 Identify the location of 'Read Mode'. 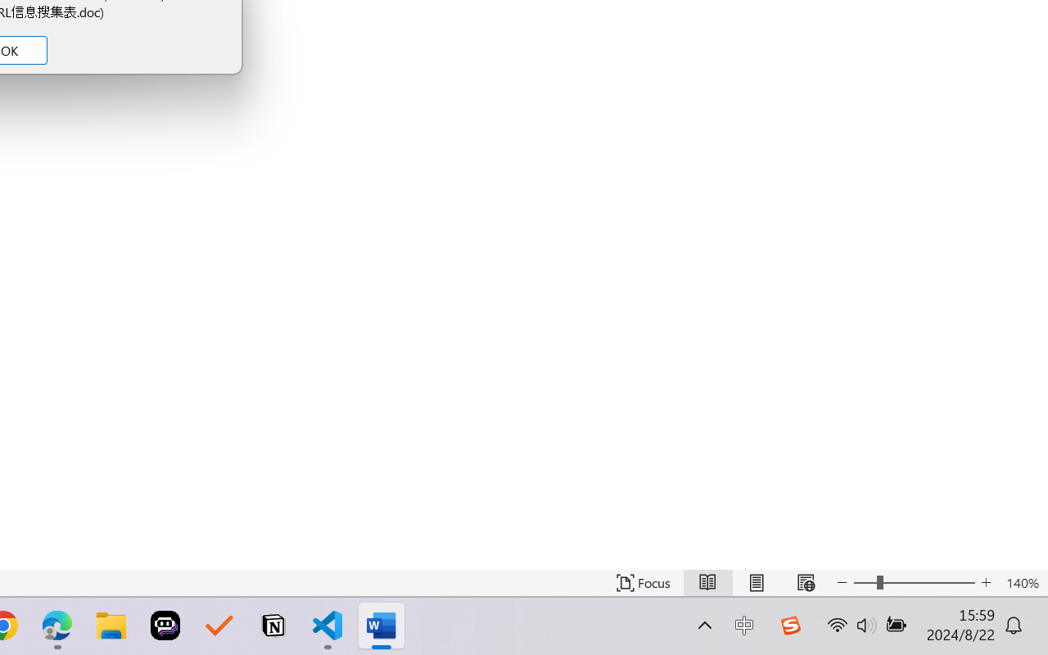
(707, 582).